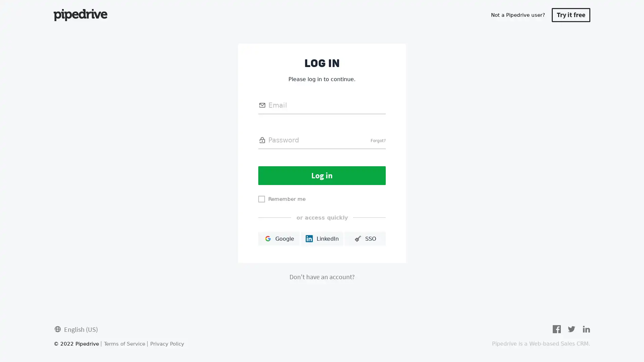  What do you see at coordinates (322, 175) in the screenshot?
I see `Log in` at bounding box center [322, 175].